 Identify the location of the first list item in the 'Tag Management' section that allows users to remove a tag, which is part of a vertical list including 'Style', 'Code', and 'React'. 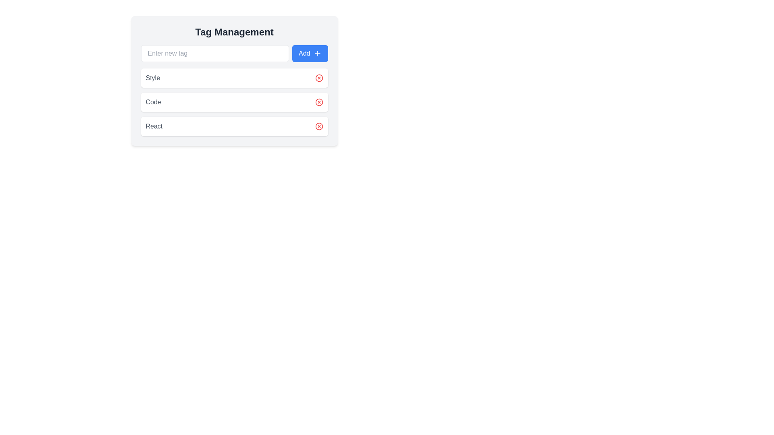
(234, 81).